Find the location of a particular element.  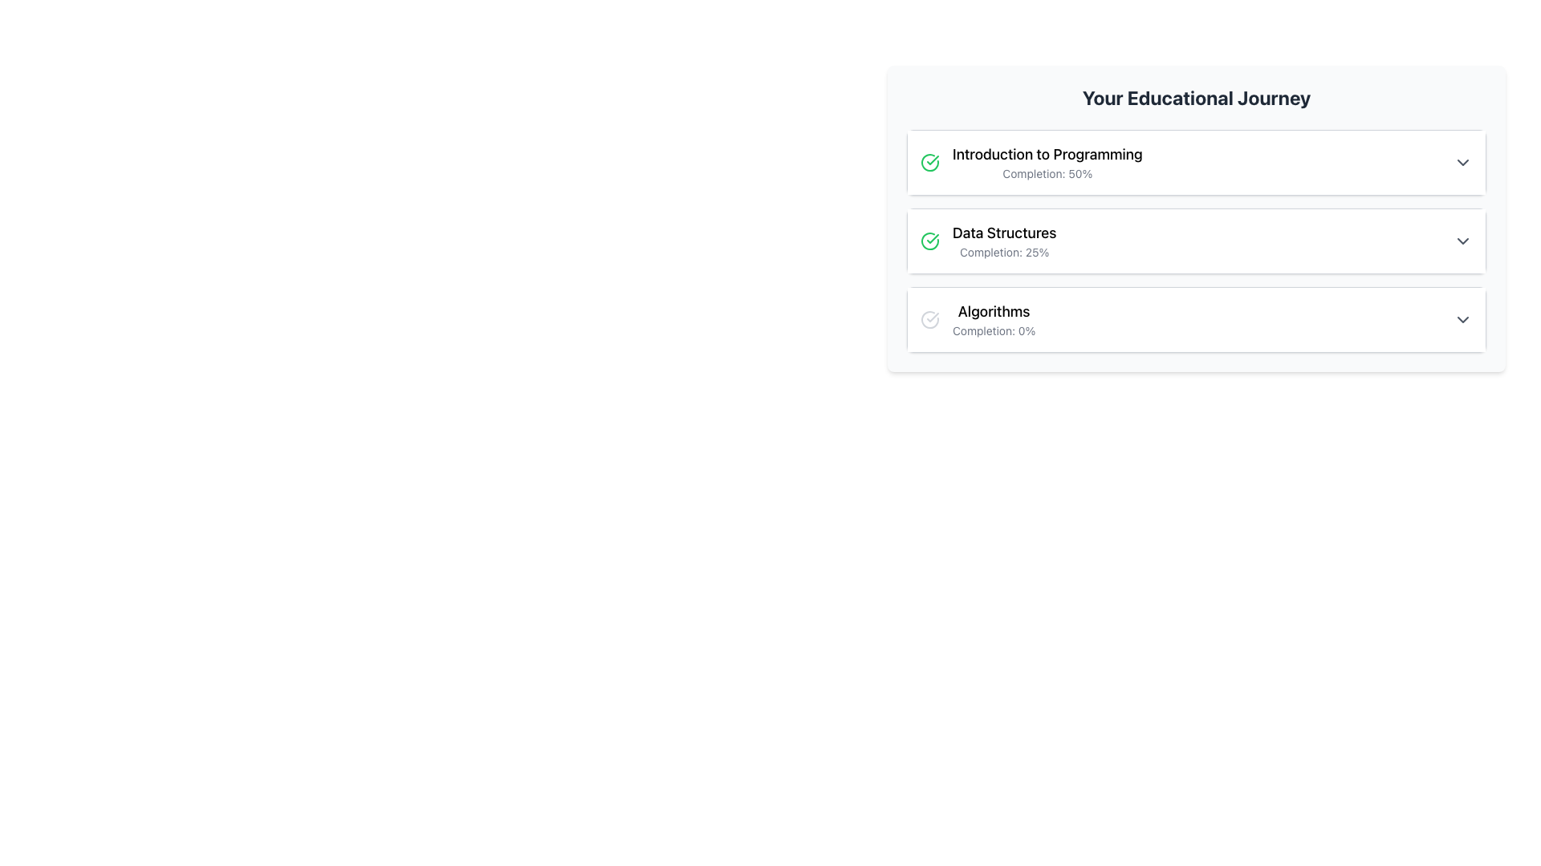

completion status text label located at the bottom section of the 'Algorithms' card, which currently indicates 0% is located at coordinates (993, 330).